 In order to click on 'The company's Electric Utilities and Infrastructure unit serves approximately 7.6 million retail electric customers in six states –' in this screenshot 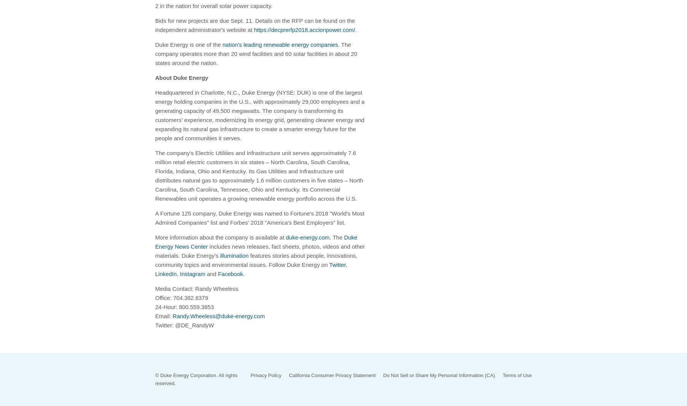, I will do `click(255, 157)`.